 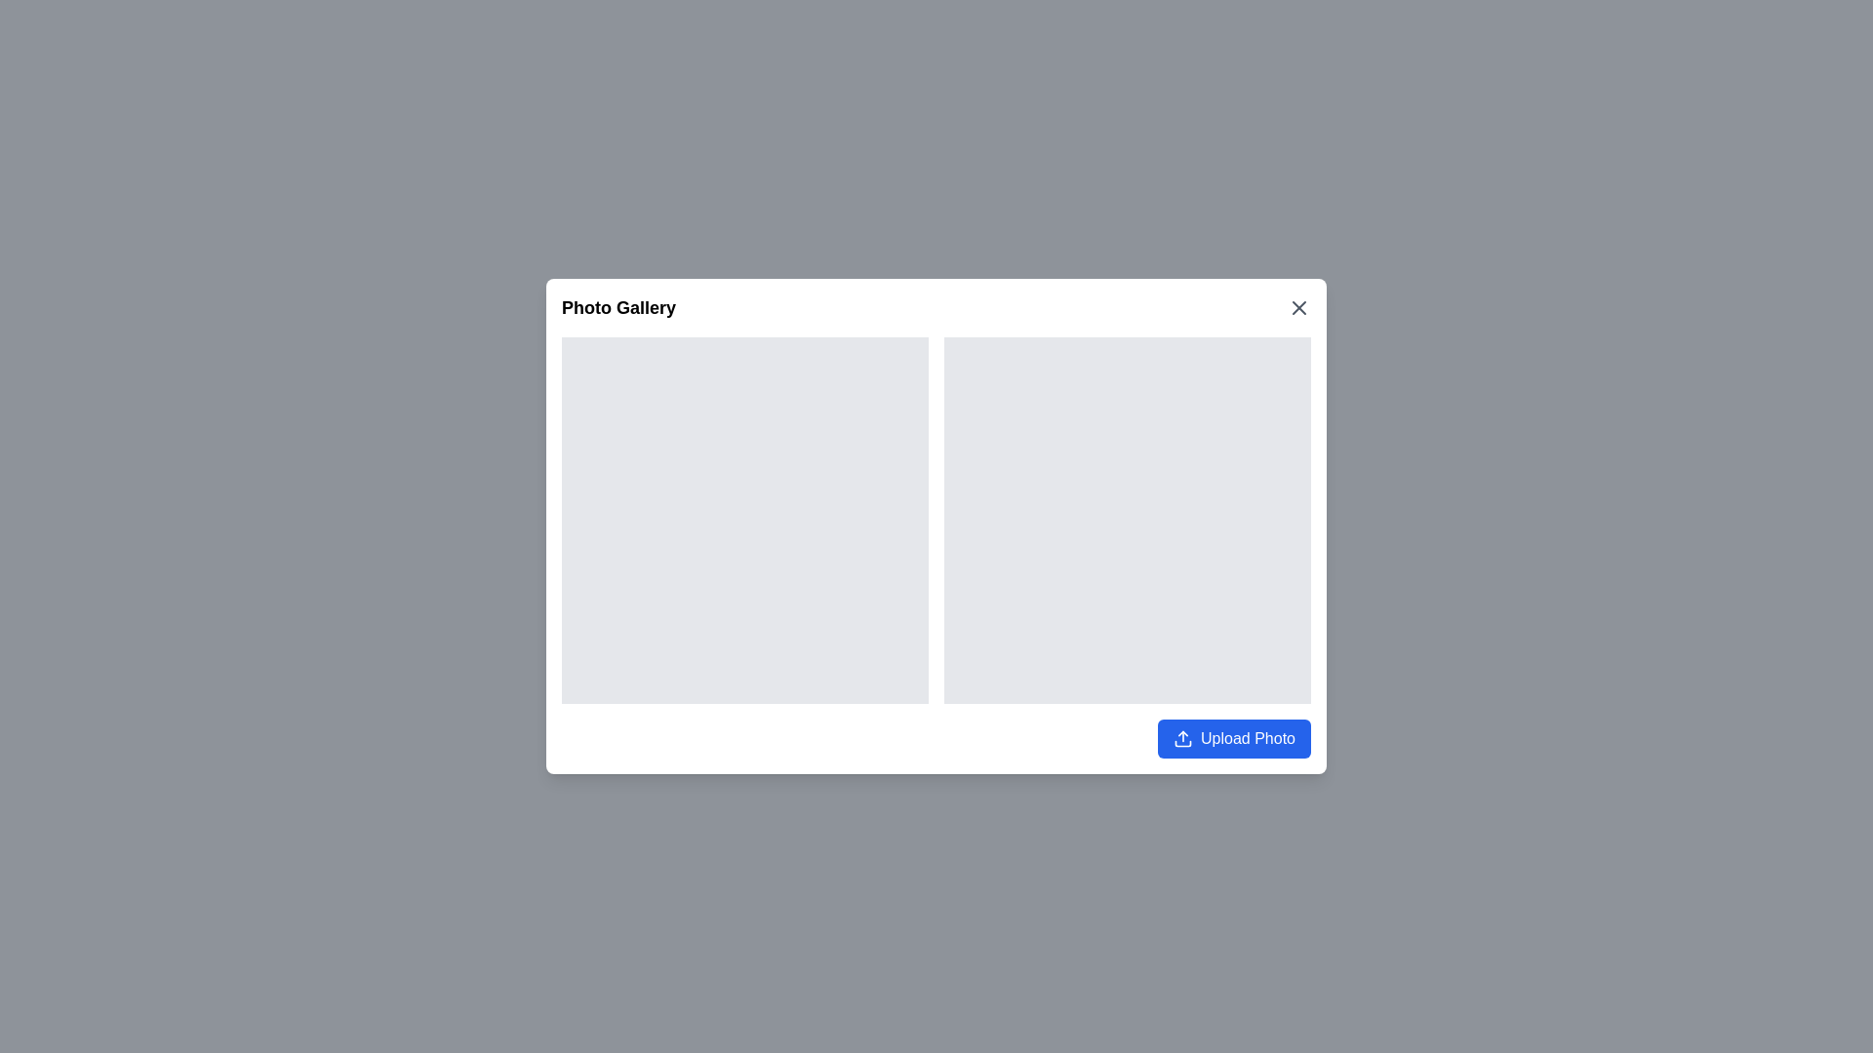 What do you see at coordinates (618, 307) in the screenshot?
I see `the 'Photo Gallery' text label, which is a bold heading aligned at the top-left of the white panel` at bounding box center [618, 307].